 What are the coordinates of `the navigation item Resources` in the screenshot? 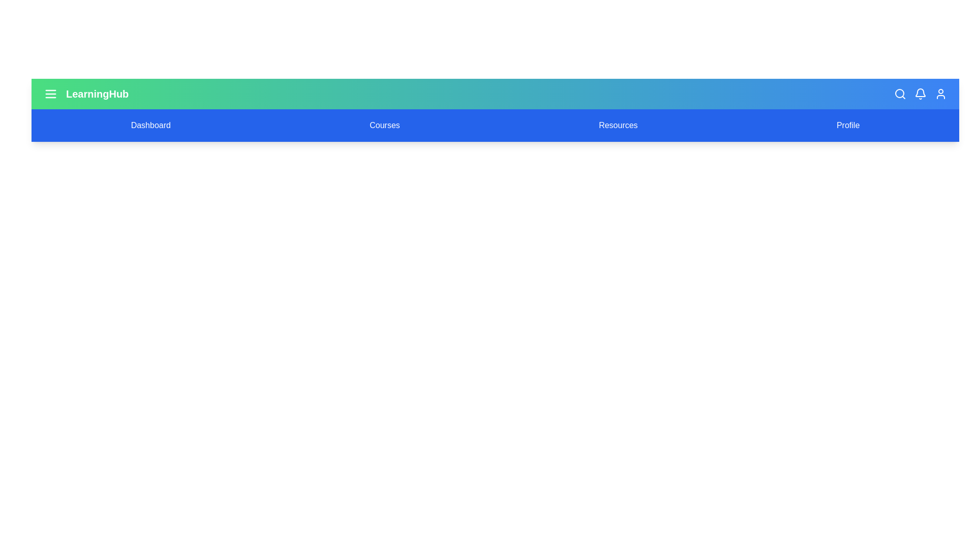 It's located at (618, 125).